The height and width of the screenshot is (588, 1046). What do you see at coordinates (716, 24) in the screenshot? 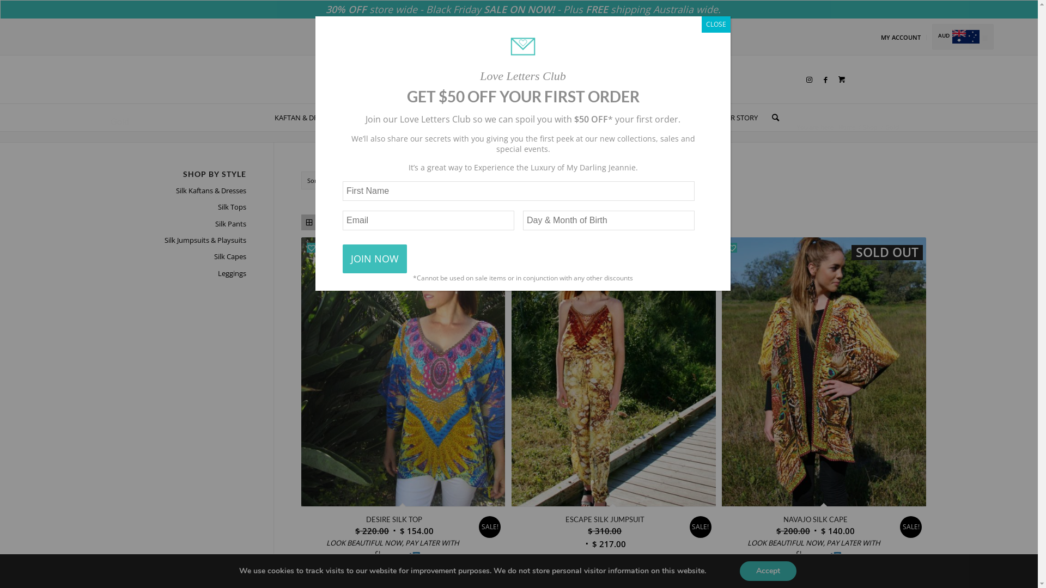
I see `'CLOSE'` at bounding box center [716, 24].